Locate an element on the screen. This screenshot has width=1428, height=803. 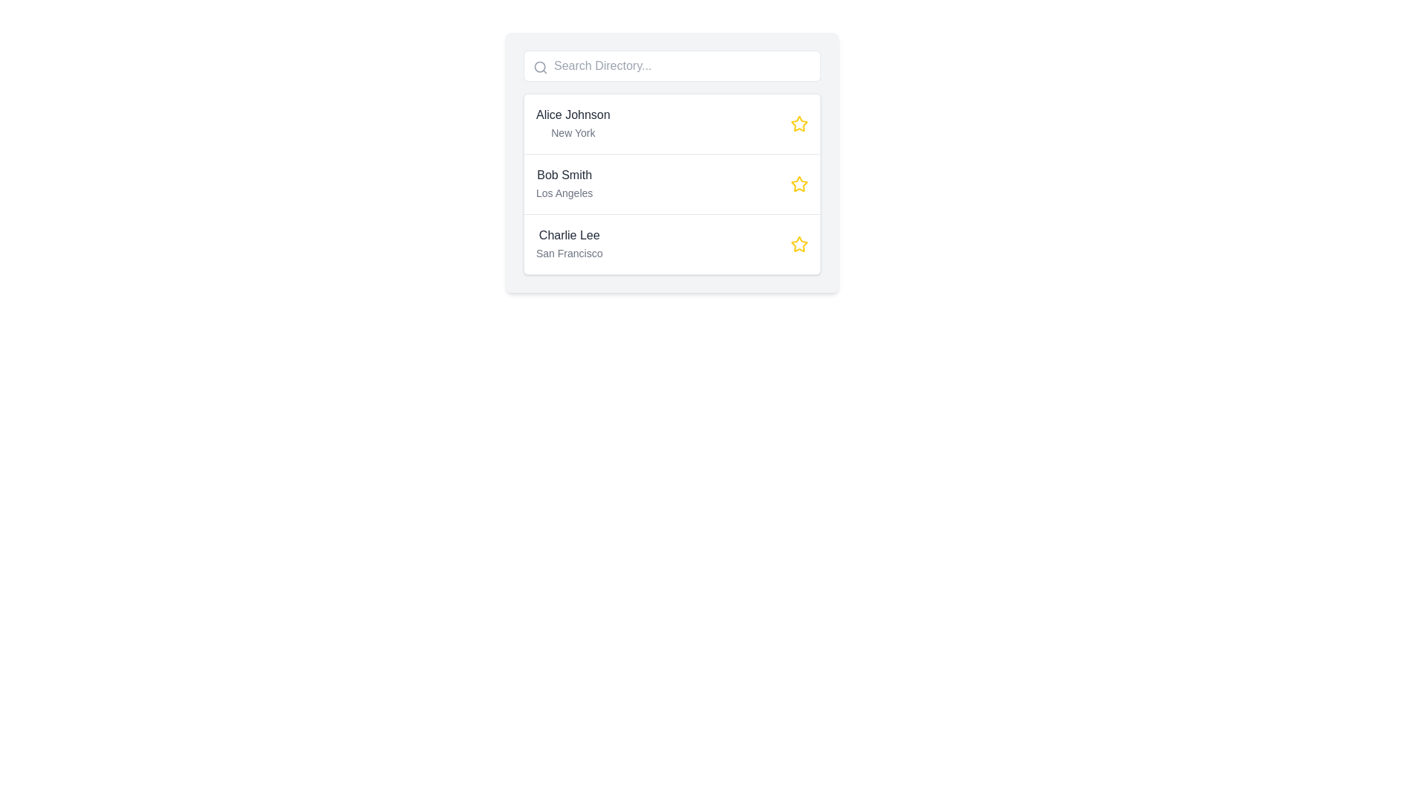
the star-shaped icon that is highlighted in yellow, positioned to the right of 'Alice Johnson' and 'New York', to favorite or unfavorite the entry is located at coordinates (799, 123).